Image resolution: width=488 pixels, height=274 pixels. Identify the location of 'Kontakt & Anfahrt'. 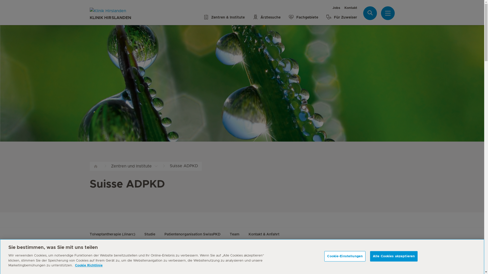
(264, 235).